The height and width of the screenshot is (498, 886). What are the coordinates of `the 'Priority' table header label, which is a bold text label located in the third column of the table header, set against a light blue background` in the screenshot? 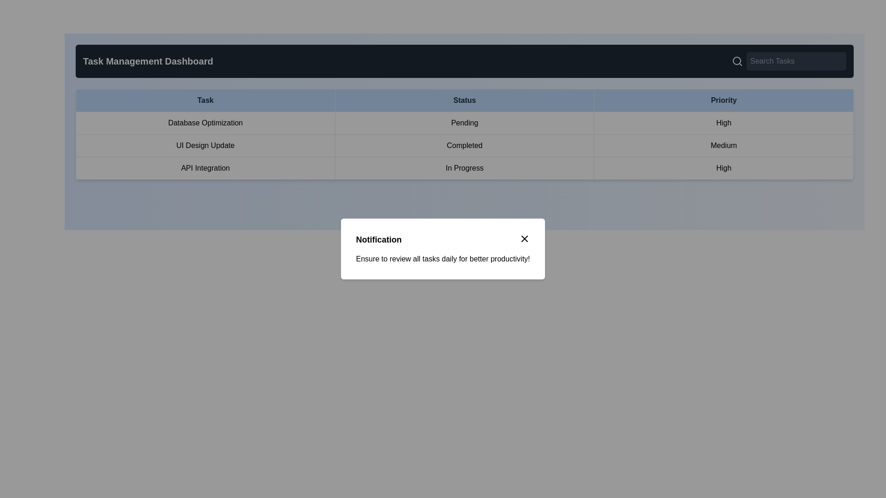 It's located at (723, 101).